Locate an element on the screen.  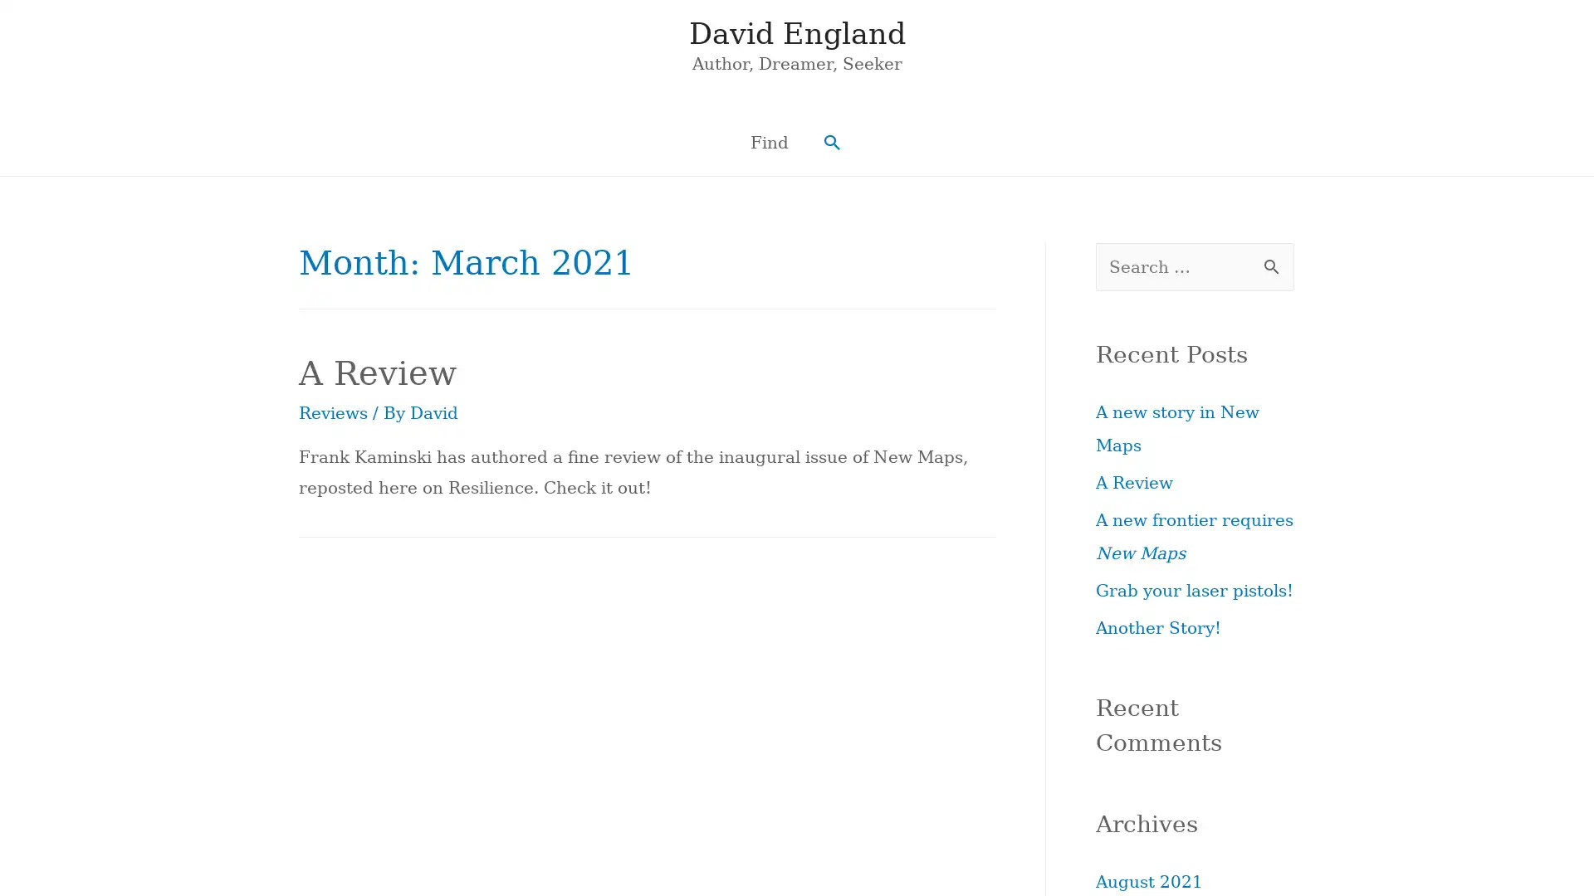
Search is located at coordinates (1274, 268).